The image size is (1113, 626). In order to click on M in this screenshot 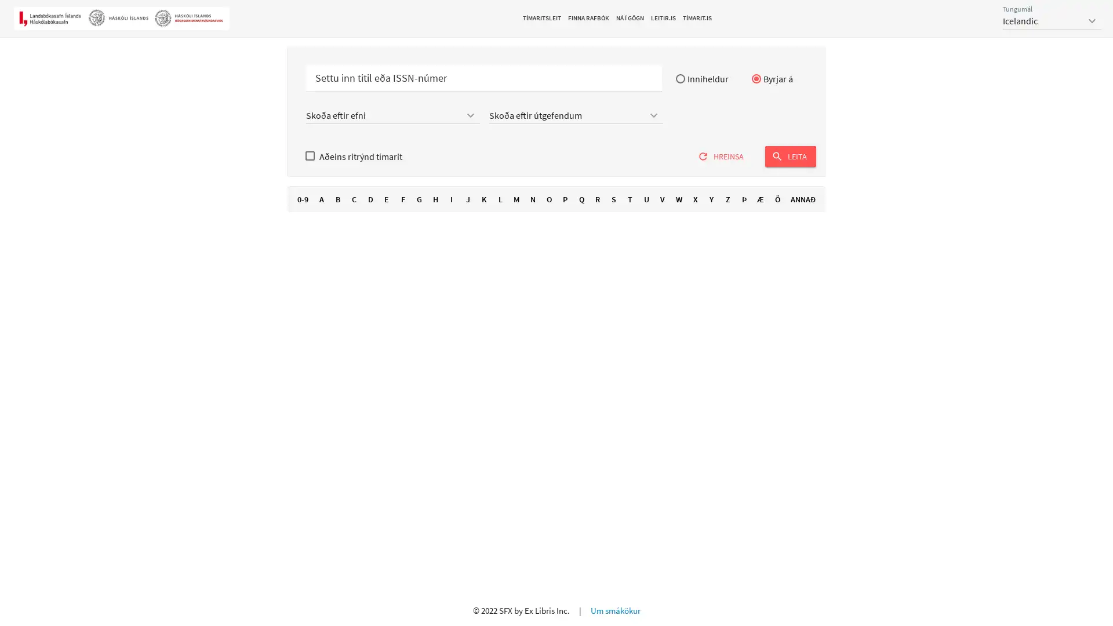, I will do `click(516, 198)`.